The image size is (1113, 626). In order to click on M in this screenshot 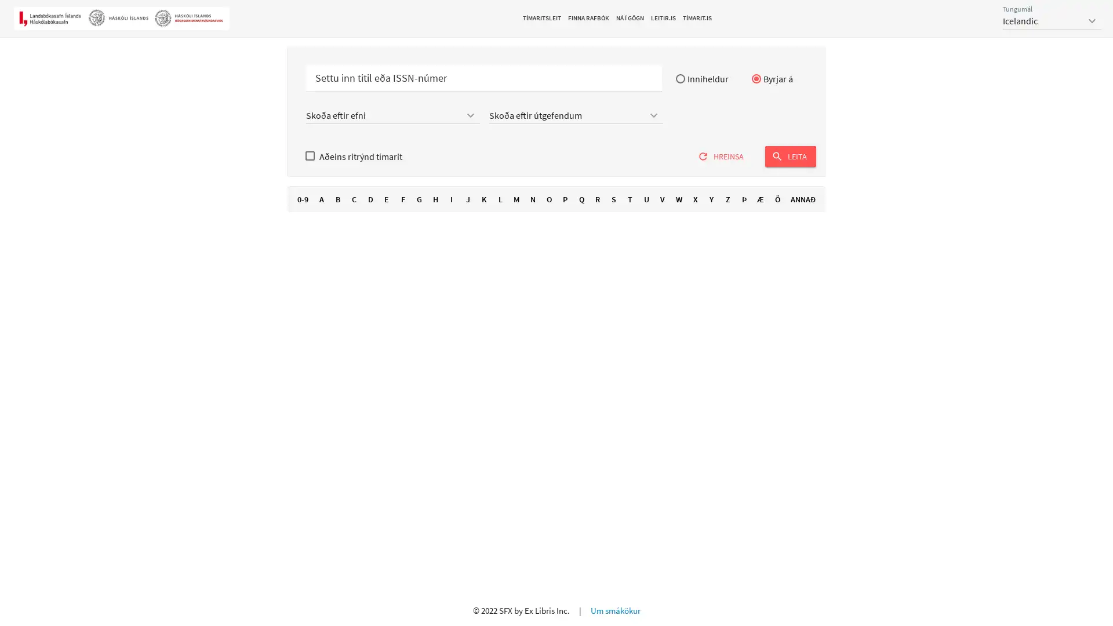, I will do `click(516, 198)`.